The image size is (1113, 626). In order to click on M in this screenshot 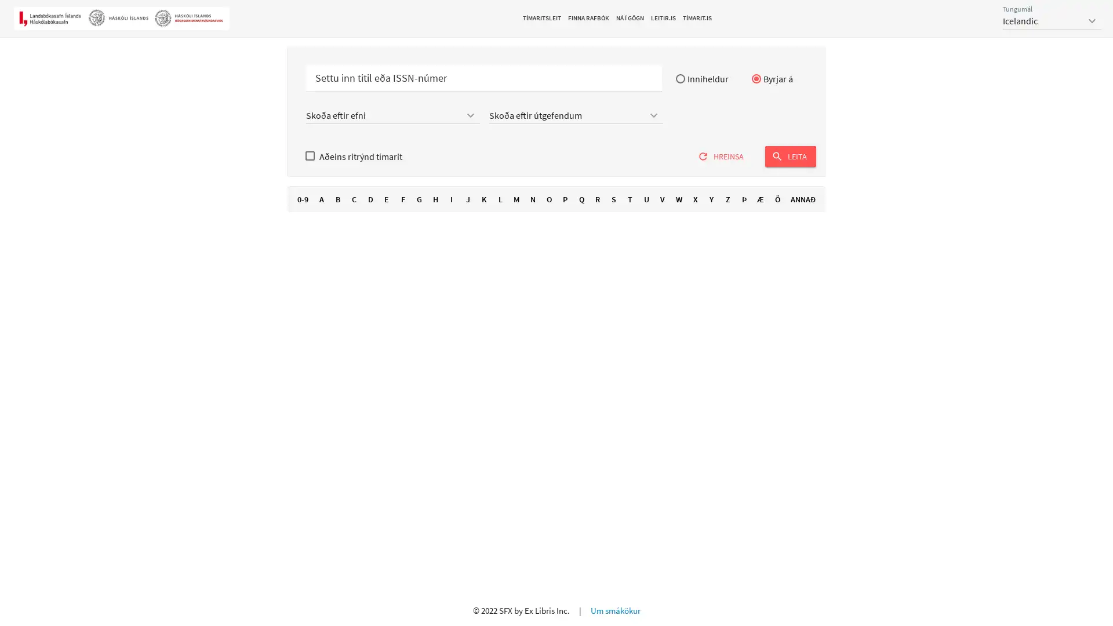, I will do `click(516, 198)`.